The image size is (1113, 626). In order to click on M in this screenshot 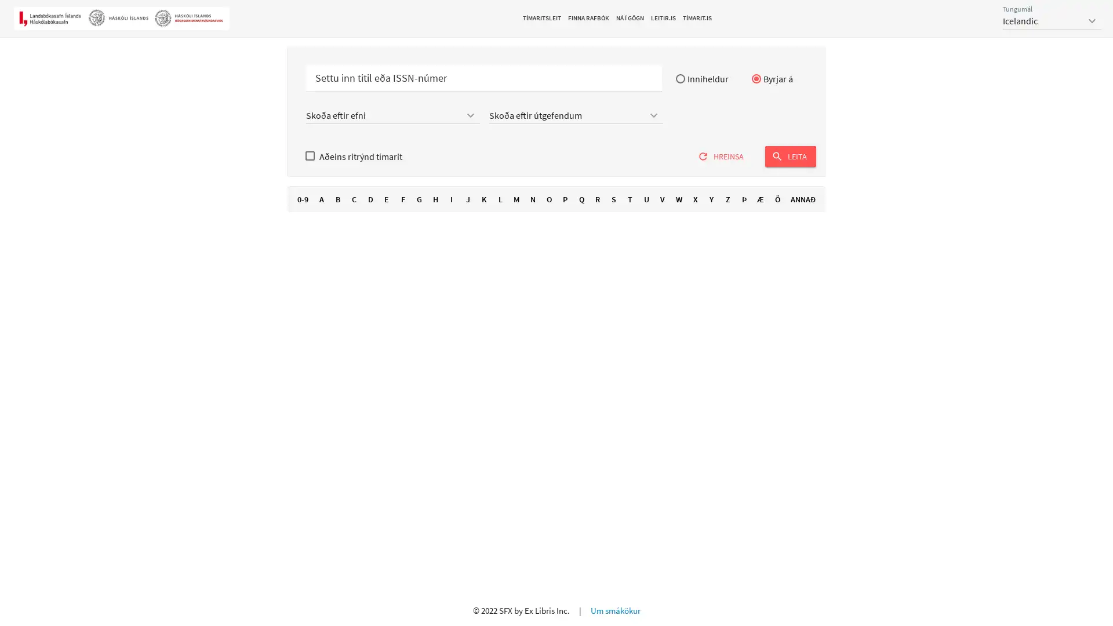, I will do `click(516, 198)`.